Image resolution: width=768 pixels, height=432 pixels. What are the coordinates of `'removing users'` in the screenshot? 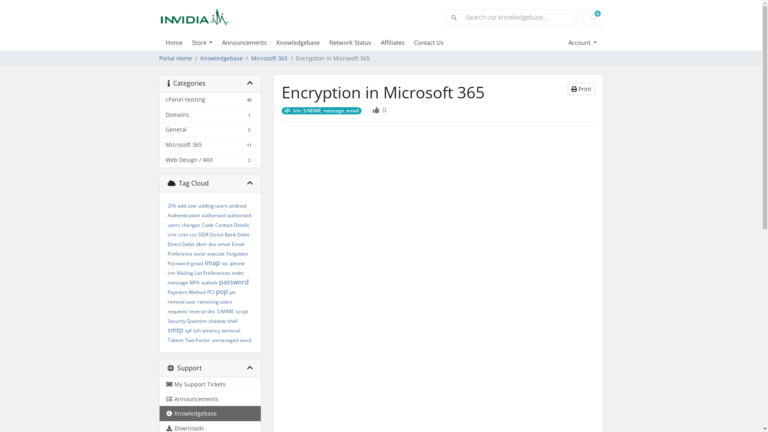 It's located at (215, 302).